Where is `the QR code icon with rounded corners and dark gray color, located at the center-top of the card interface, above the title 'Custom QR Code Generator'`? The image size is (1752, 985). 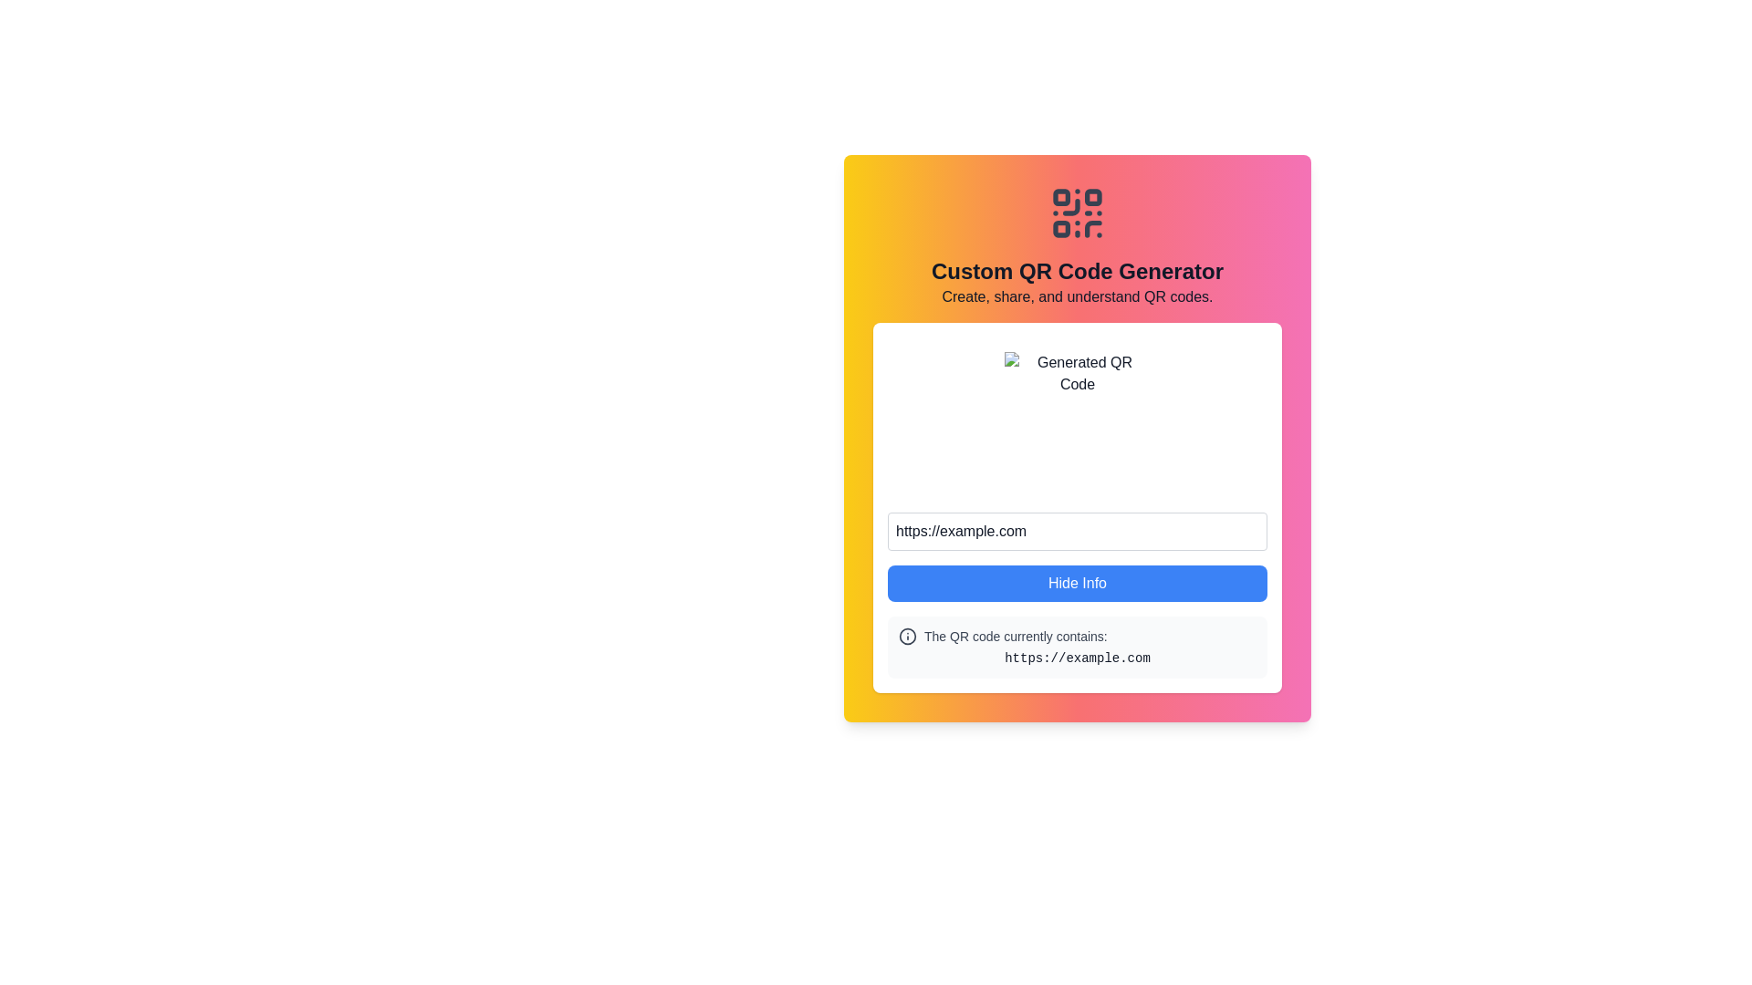 the QR code icon with rounded corners and dark gray color, located at the center-top of the card interface, above the title 'Custom QR Code Generator' is located at coordinates (1077, 213).